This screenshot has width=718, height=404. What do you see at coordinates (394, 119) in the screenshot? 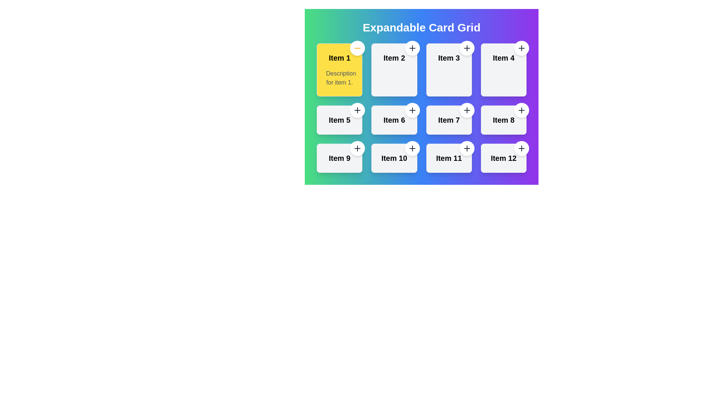
I see `label 'Item 6' located on the card in the second row, second column of a 4x3 grid layout, which contains a button and a title` at bounding box center [394, 119].